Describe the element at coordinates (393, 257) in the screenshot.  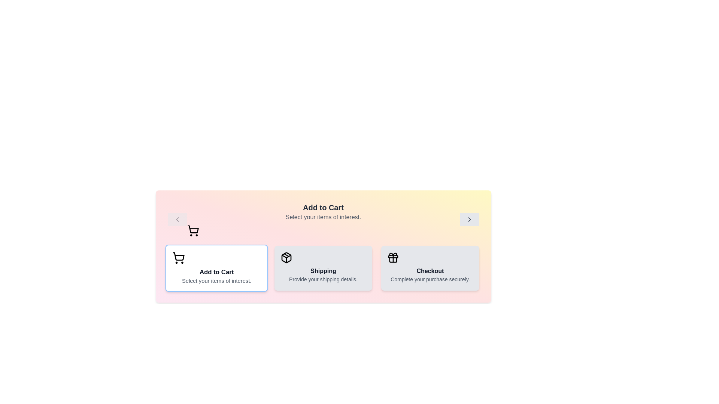
I see `the 'Checkout' gift box icon located in the third action card of the navigation stepper` at that location.